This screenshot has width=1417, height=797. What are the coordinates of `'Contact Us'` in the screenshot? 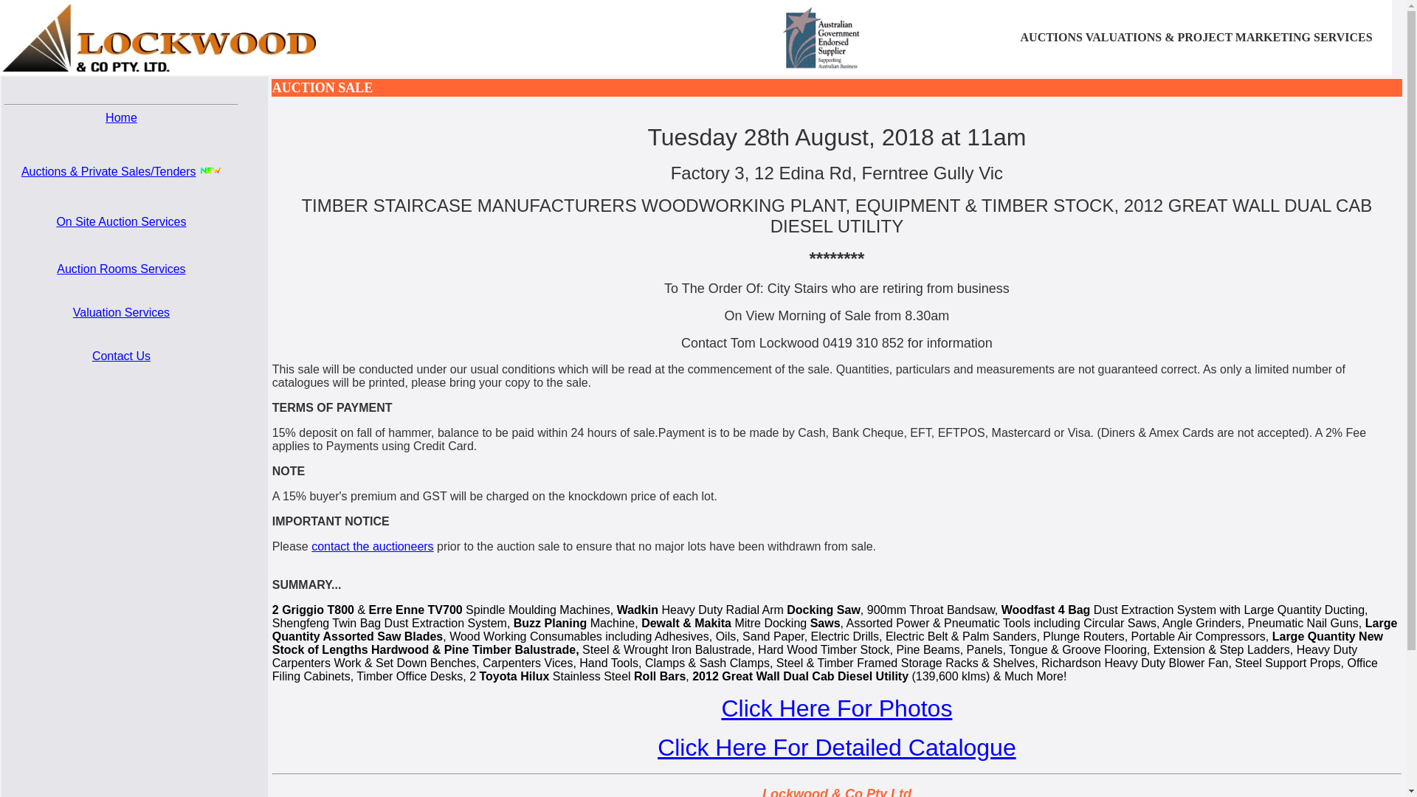 It's located at (121, 356).